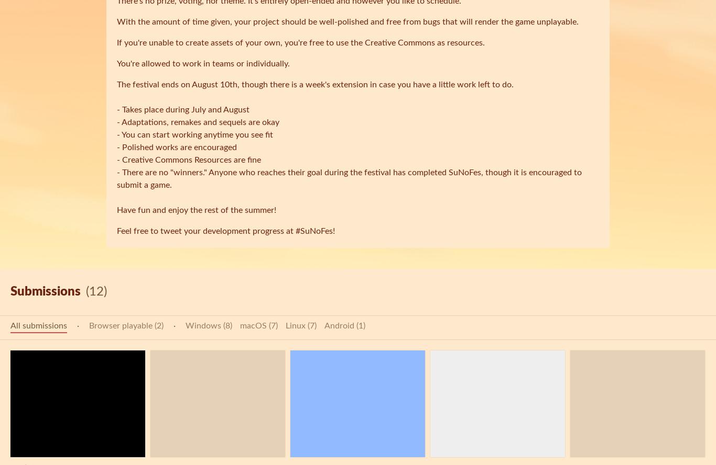  I want to click on '- Creative Commons Resources are fine', so click(188, 160).